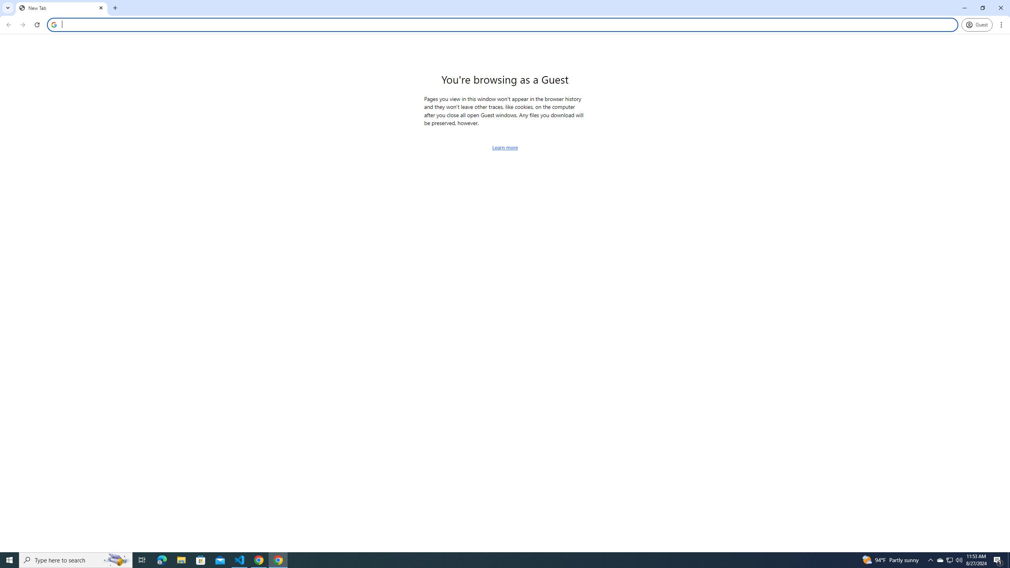 The height and width of the screenshot is (568, 1010). What do you see at coordinates (976, 24) in the screenshot?
I see `'Guest'` at bounding box center [976, 24].